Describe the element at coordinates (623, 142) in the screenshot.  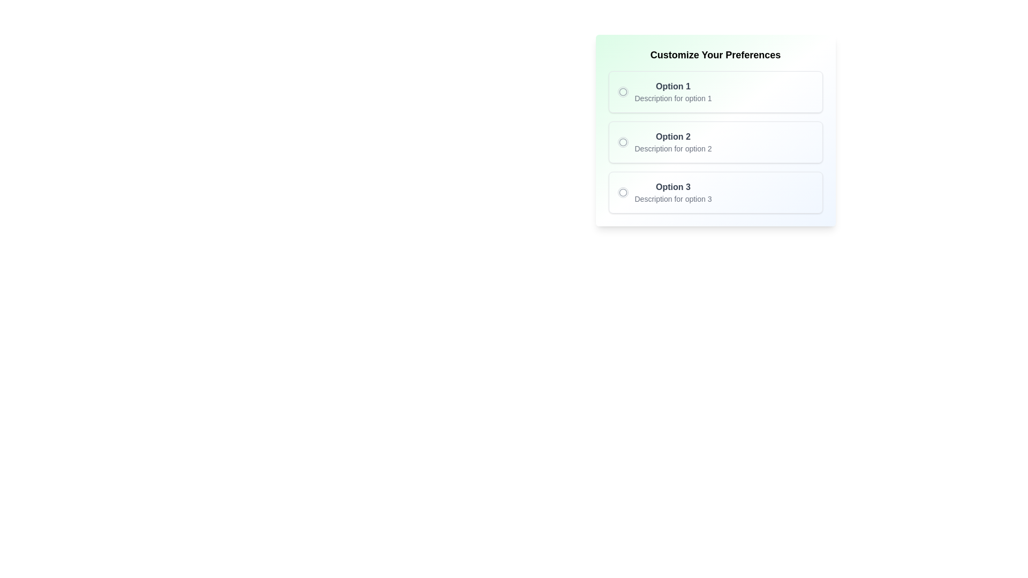
I see `the radio button for 'Option 2'` at that location.